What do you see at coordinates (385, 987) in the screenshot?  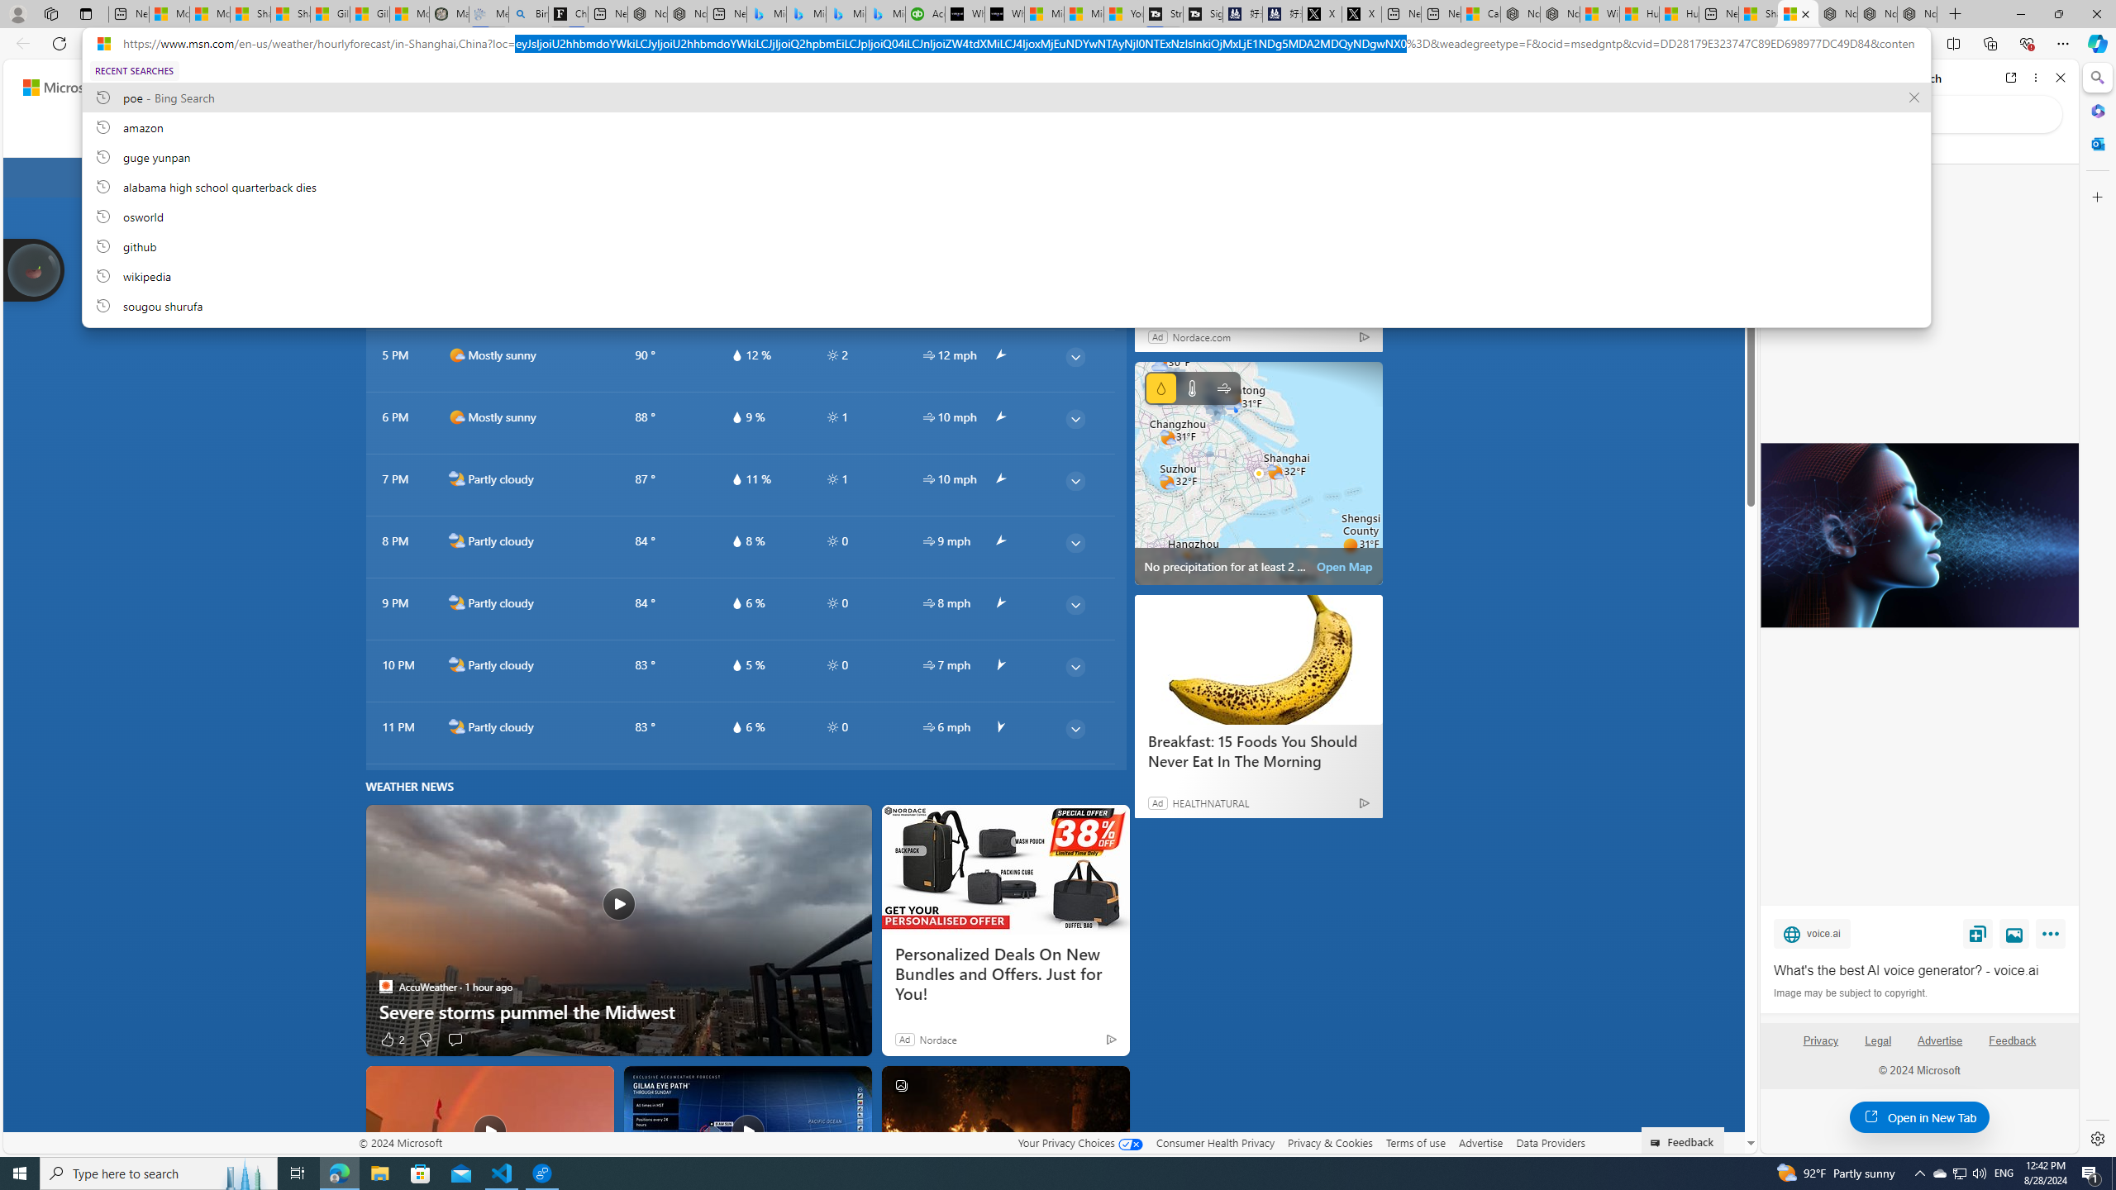 I see `'AccuWeather'` at bounding box center [385, 987].